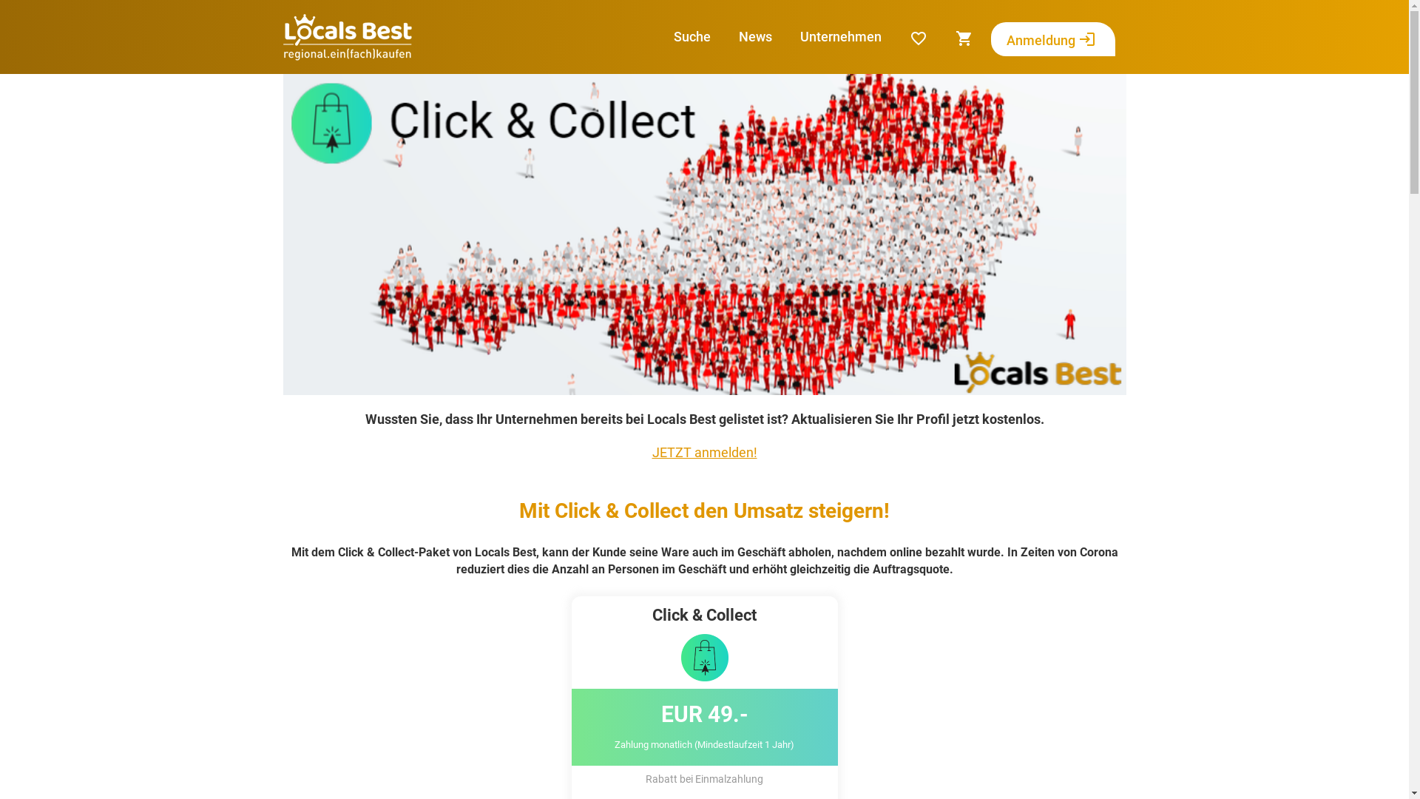  What do you see at coordinates (845, 36) in the screenshot?
I see `'Unternehmen'` at bounding box center [845, 36].